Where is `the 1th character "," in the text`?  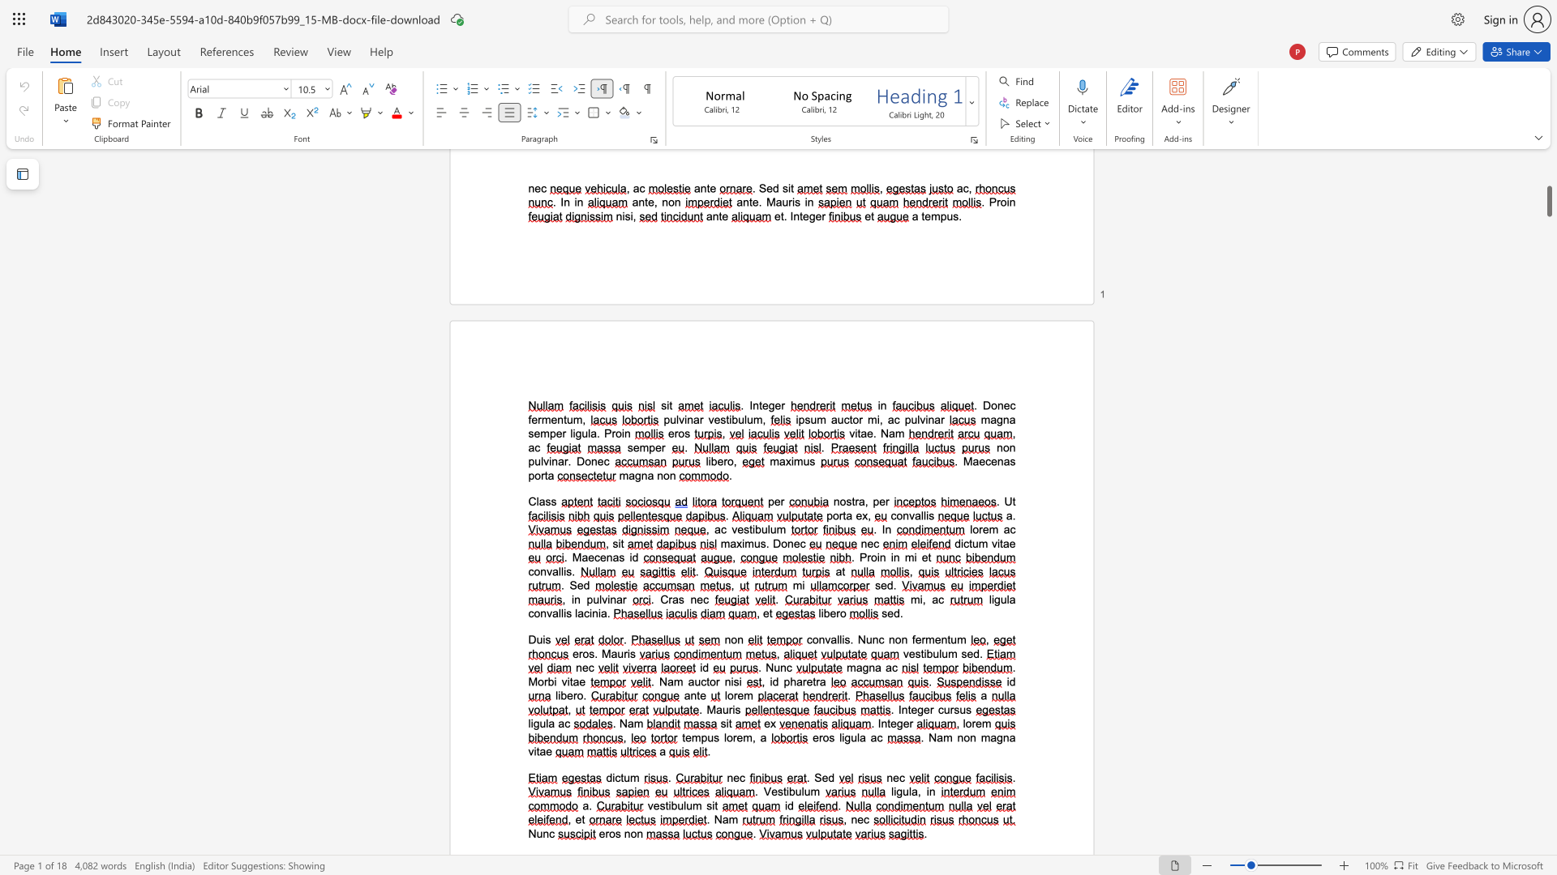
the 1th character "," in the text is located at coordinates (869, 515).